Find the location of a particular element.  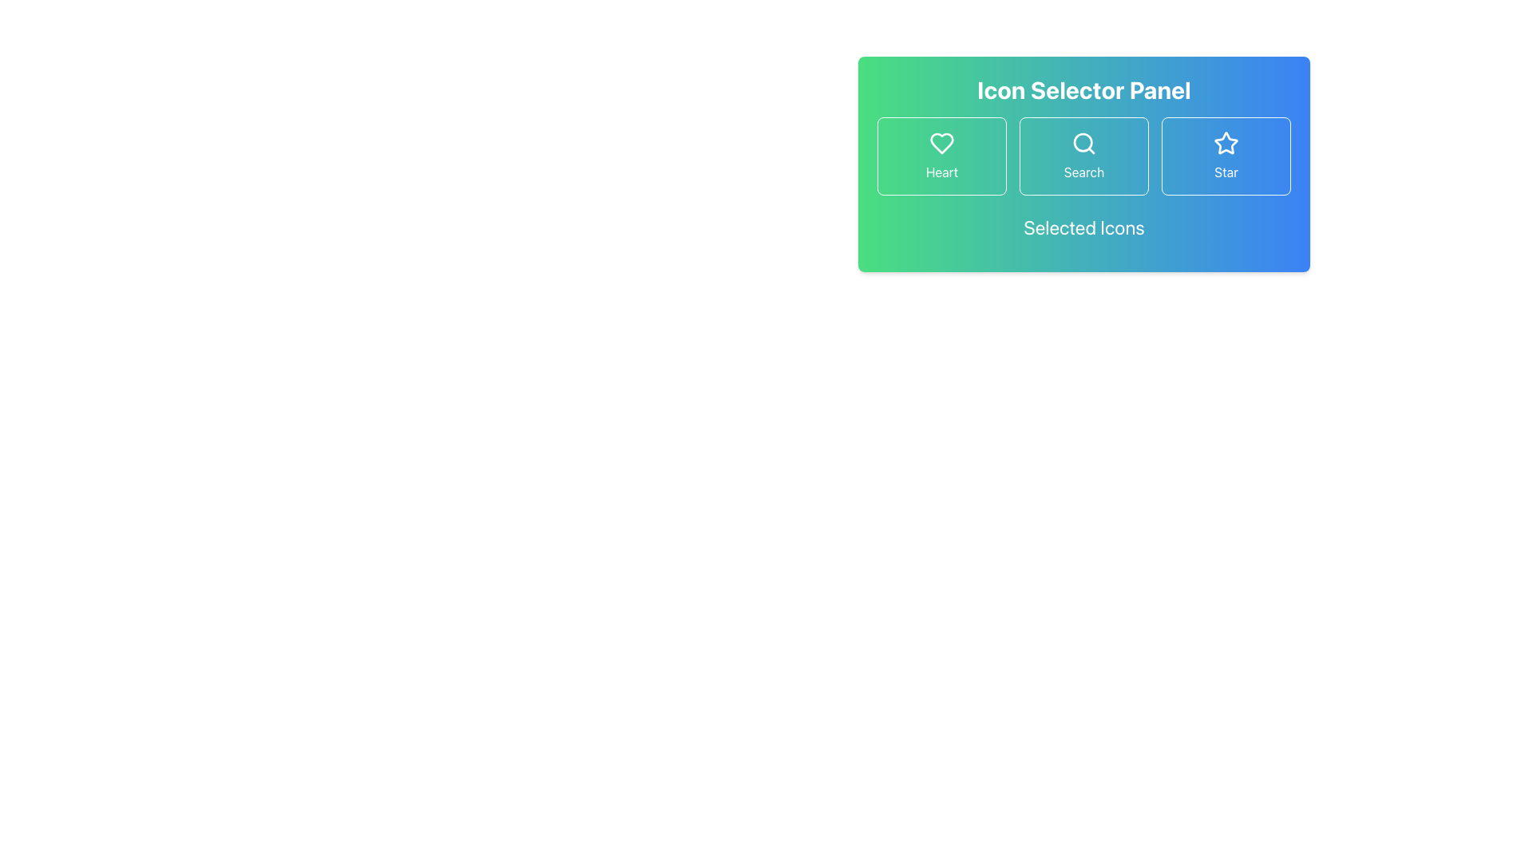

the blue star icon with a white center from the Icon Selector Panel is located at coordinates (1226, 142).